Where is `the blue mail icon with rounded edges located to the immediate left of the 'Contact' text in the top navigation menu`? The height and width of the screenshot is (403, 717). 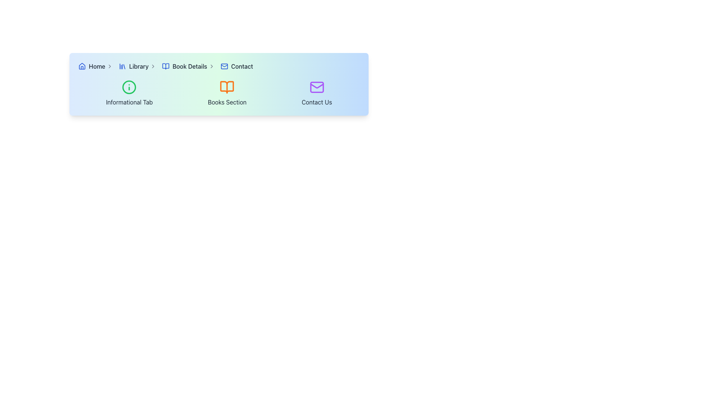 the blue mail icon with rounded edges located to the immediate left of the 'Contact' text in the top navigation menu is located at coordinates (224, 66).